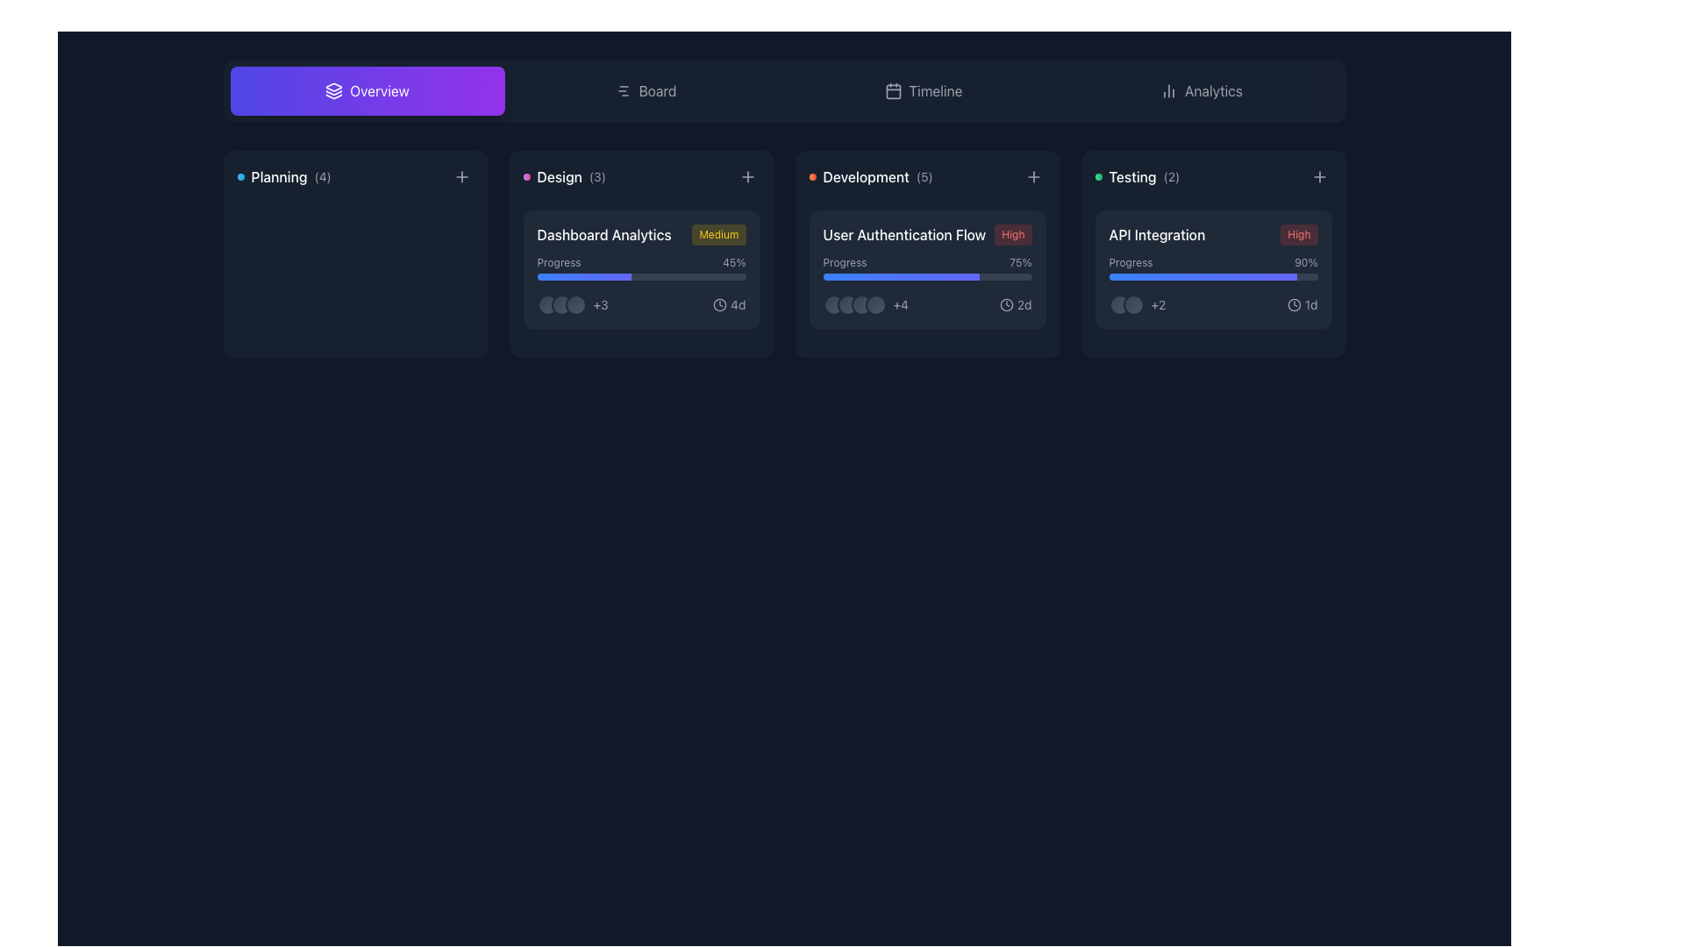  Describe the element at coordinates (1033, 176) in the screenshot. I see `the plus-shaped icon button located at the top-right corner of the 'Development' card segment` at that location.